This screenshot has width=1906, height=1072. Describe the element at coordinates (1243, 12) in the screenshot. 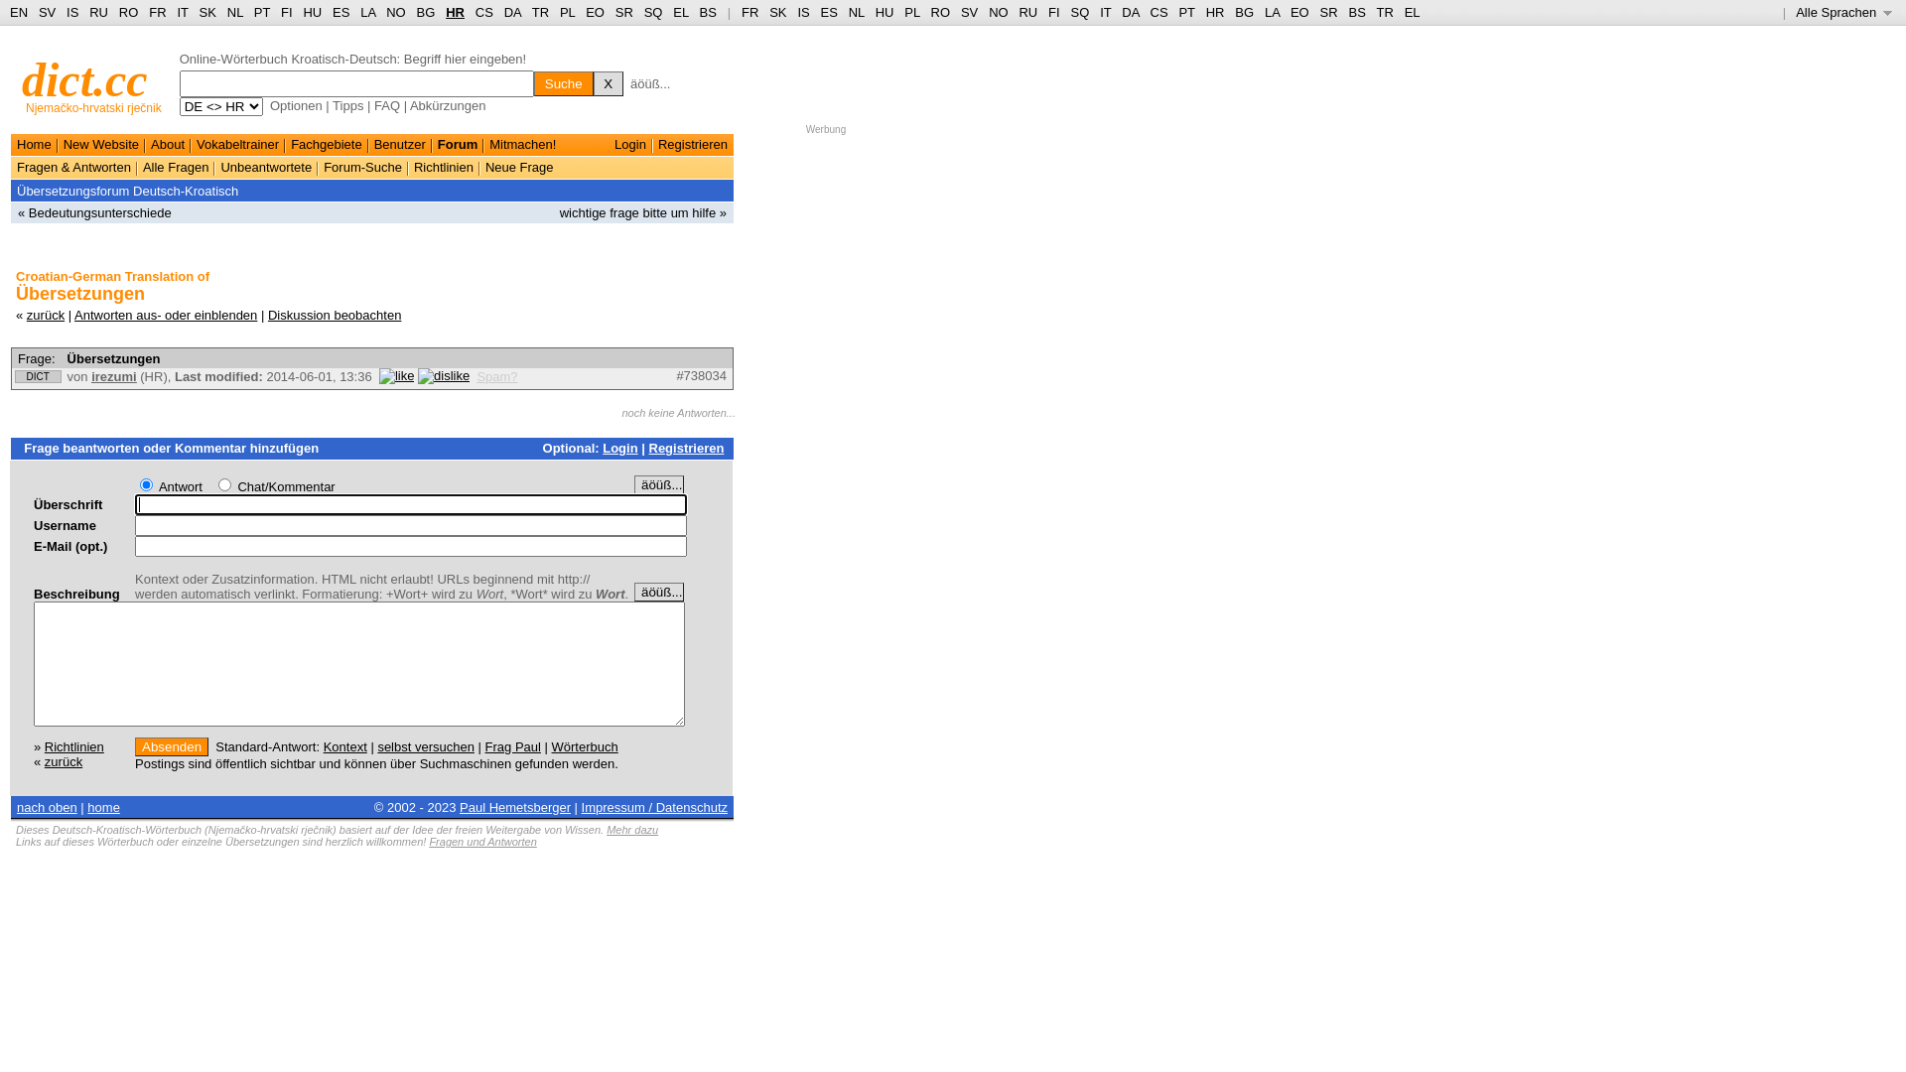

I see `'BG'` at that location.